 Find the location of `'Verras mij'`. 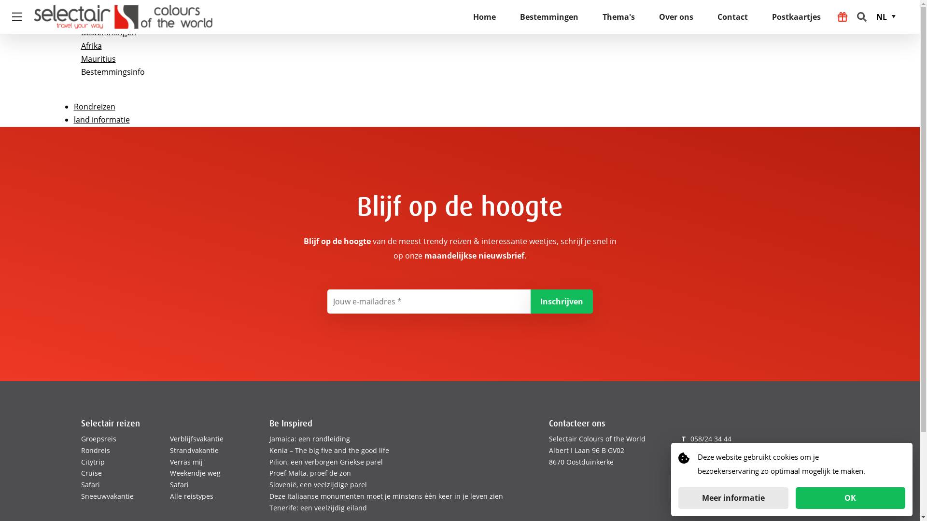

'Verras mij' is located at coordinates (186, 461).